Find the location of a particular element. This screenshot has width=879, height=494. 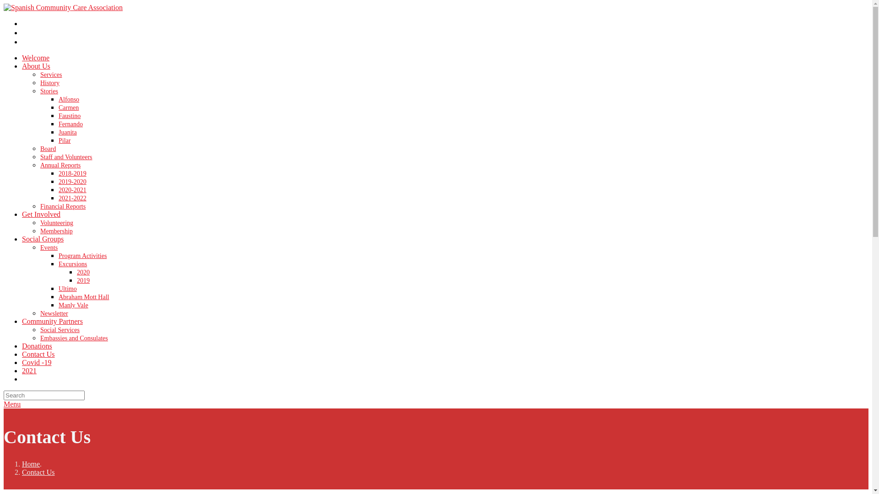

'Menu' is located at coordinates (12, 403).